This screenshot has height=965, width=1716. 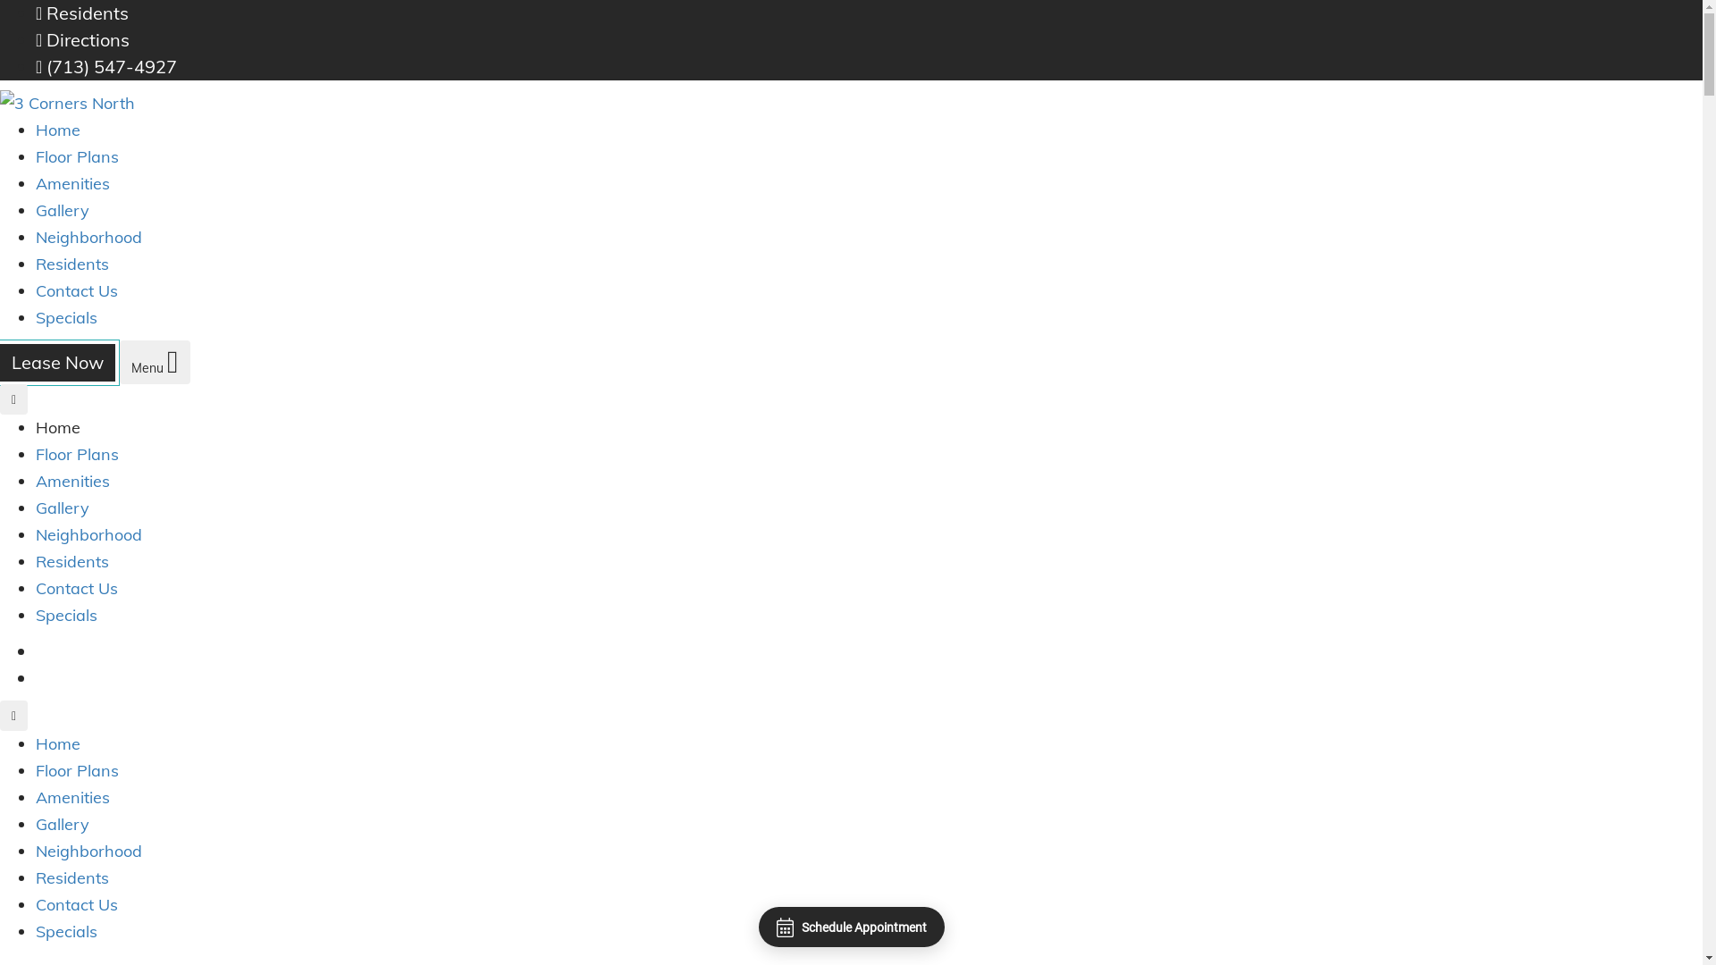 What do you see at coordinates (57, 362) in the screenshot?
I see `'Lease Now'` at bounding box center [57, 362].